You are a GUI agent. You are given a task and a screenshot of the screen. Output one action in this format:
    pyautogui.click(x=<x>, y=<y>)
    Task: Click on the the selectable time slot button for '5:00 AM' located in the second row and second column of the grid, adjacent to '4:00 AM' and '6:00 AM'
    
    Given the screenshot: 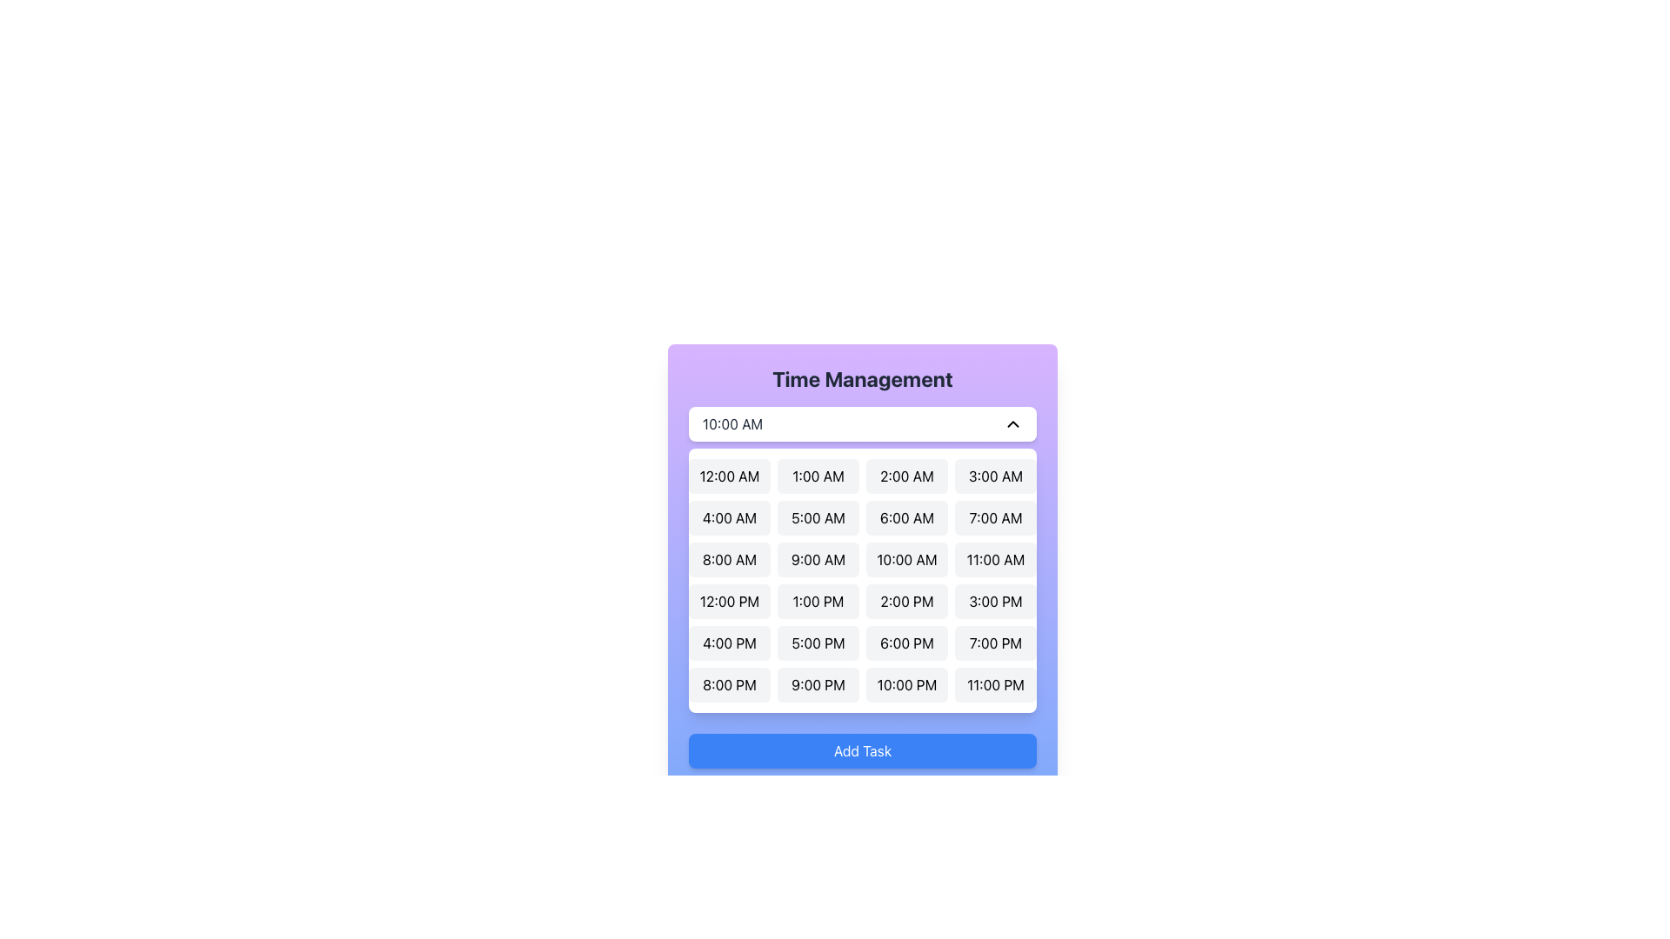 What is the action you would take?
    pyautogui.click(x=817, y=517)
    